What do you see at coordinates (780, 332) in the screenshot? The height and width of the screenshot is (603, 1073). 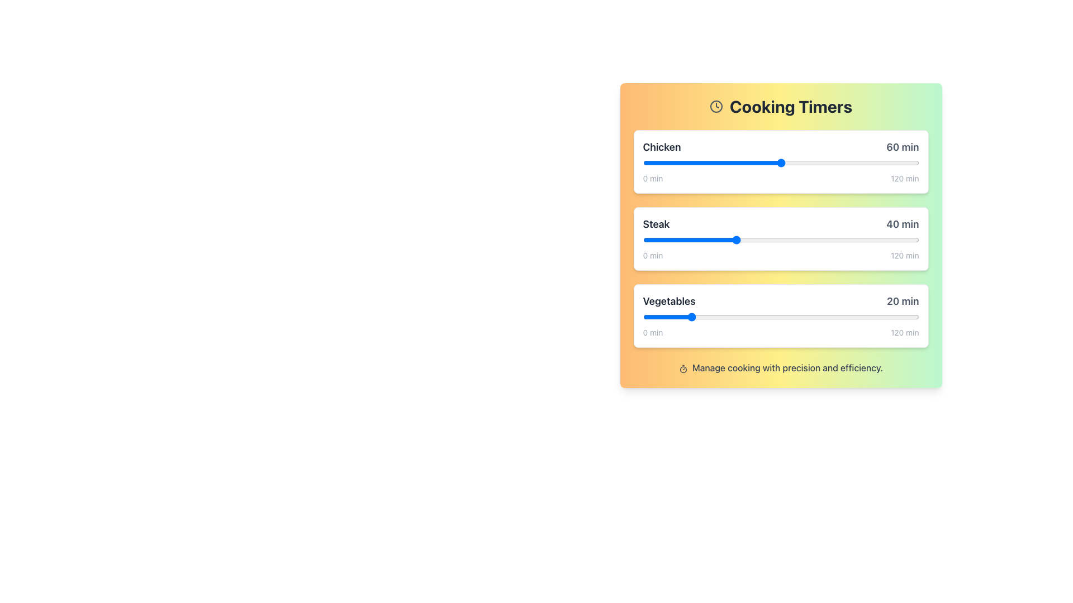 I see `properties of the textual labels '0 min' and '120 min' within the 'Vegetables' section of the 'Cooking Timers' interface, positioned at the bottom beneath the progress bar` at bounding box center [780, 332].